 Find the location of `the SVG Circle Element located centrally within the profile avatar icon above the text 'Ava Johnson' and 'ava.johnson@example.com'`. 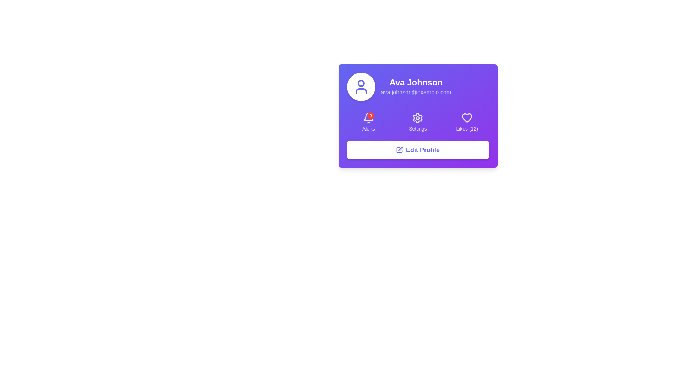

the SVG Circle Element located centrally within the profile avatar icon above the text 'Ava Johnson' and 'ava.johnson@example.com' is located at coordinates (361, 83).